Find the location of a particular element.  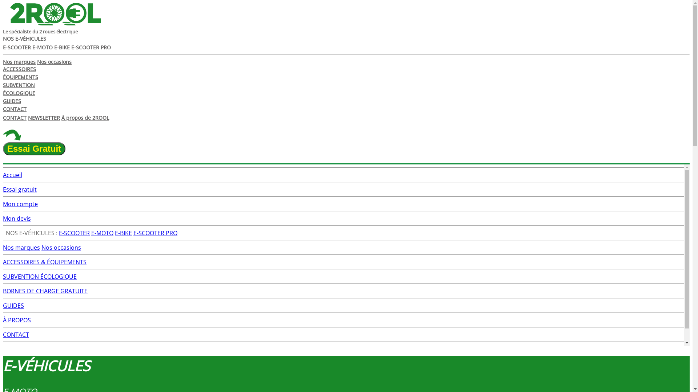

'Mon compte' is located at coordinates (20, 204).